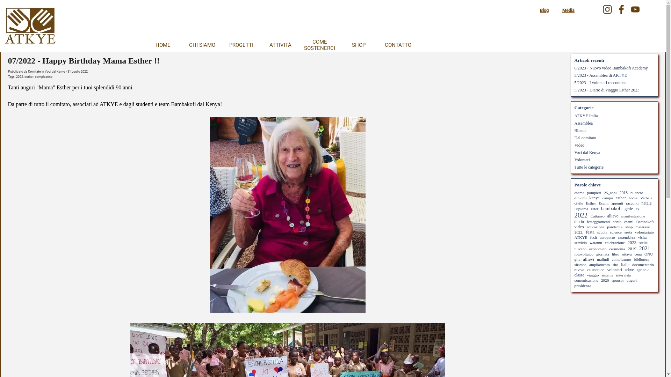 The height and width of the screenshot is (377, 671). Describe the element at coordinates (612, 222) in the screenshot. I see `'conto'` at that location.